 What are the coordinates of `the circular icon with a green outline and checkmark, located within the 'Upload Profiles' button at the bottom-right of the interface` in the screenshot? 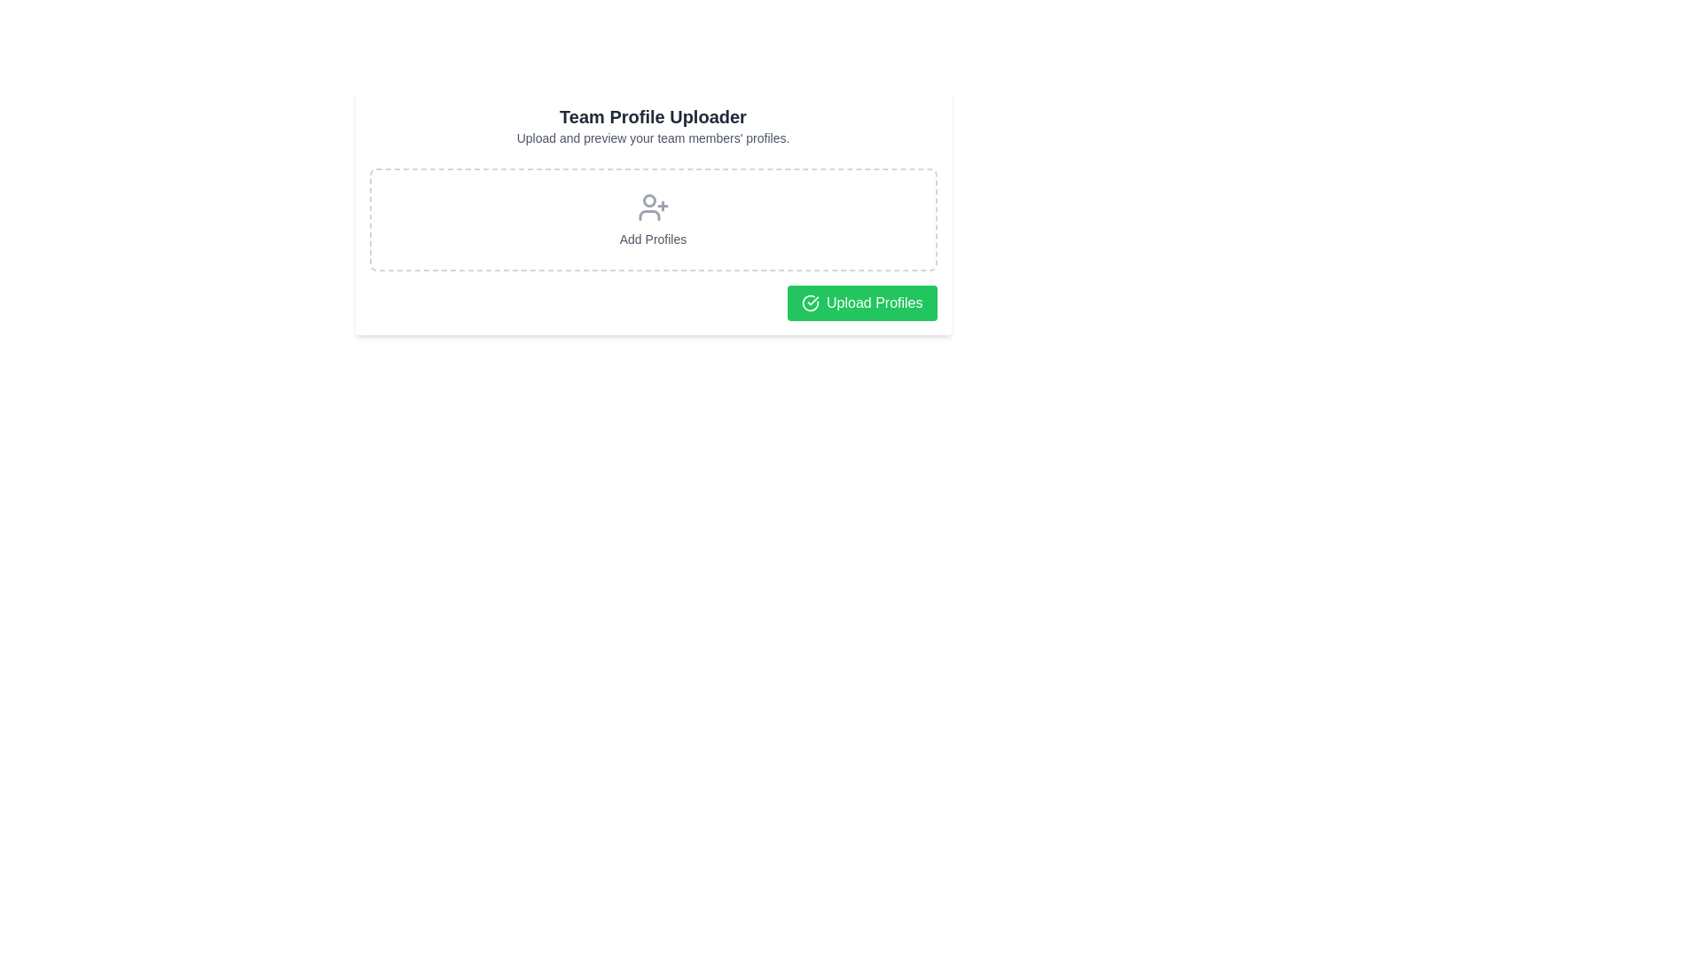 It's located at (809, 302).